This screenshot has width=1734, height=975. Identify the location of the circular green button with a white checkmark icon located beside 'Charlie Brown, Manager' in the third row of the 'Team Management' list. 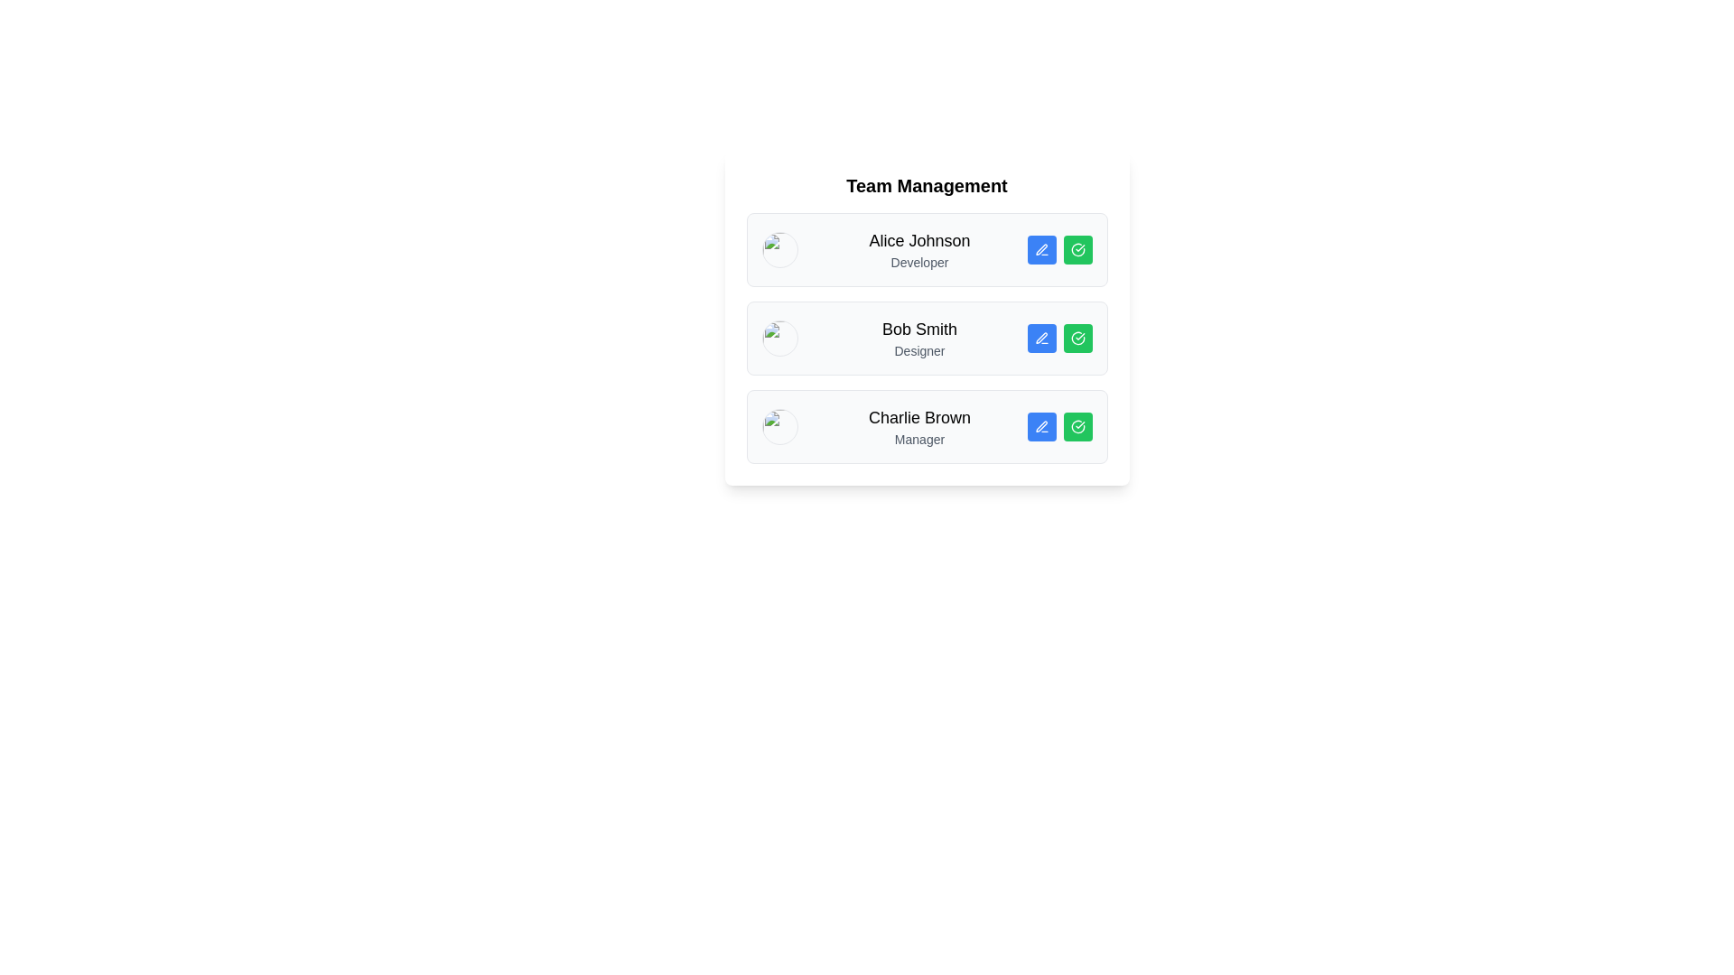
(1077, 427).